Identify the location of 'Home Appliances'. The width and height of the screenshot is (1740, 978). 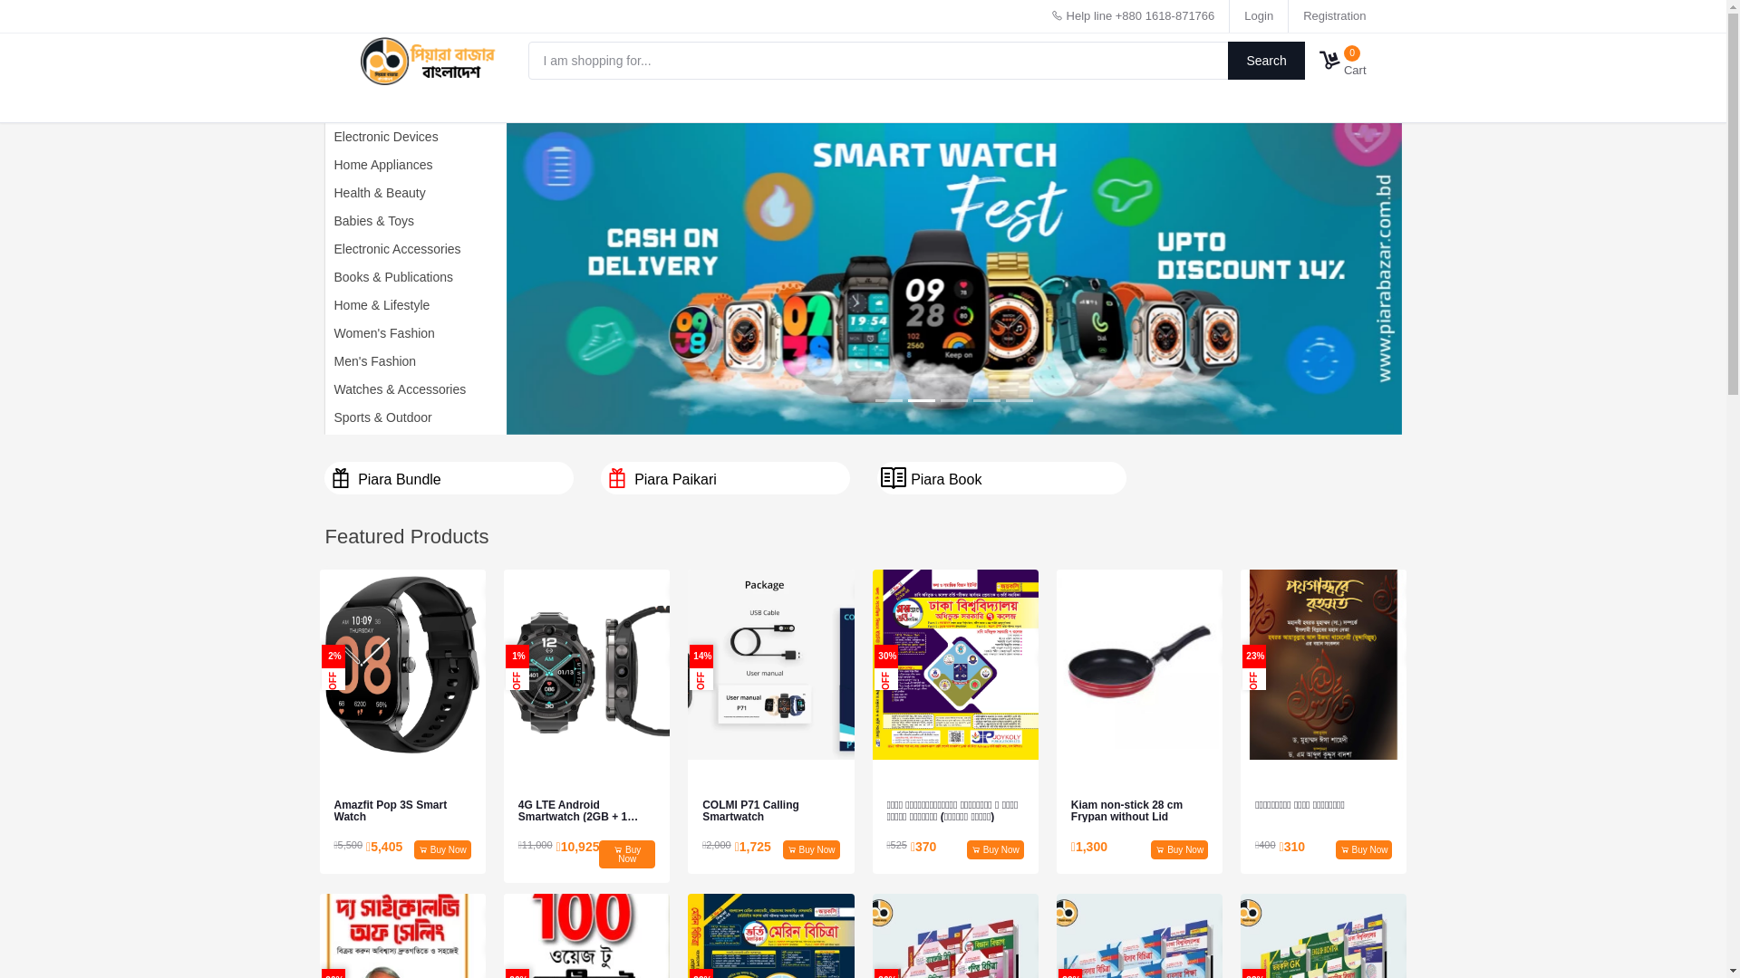
(377, 164).